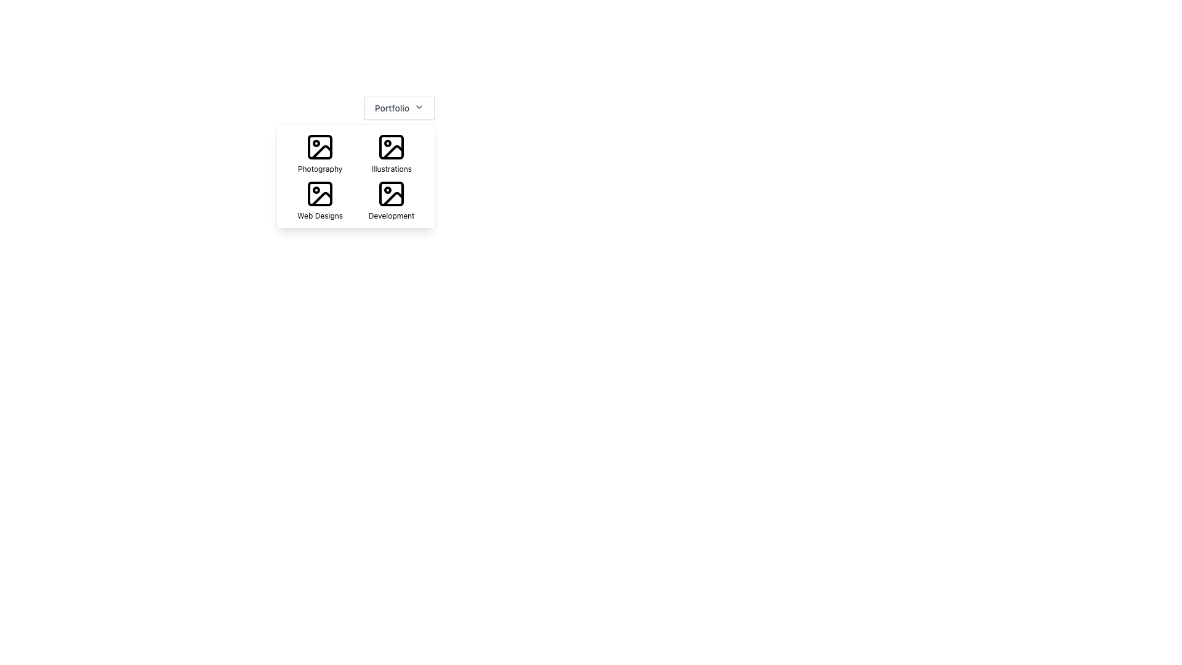 This screenshot has height=665, width=1182. What do you see at coordinates (320, 199) in the screenshot?
I see `the 'Web Designs' menu item, which features an image silhouette icon and a label in black text` at bounding box center [320, 199].